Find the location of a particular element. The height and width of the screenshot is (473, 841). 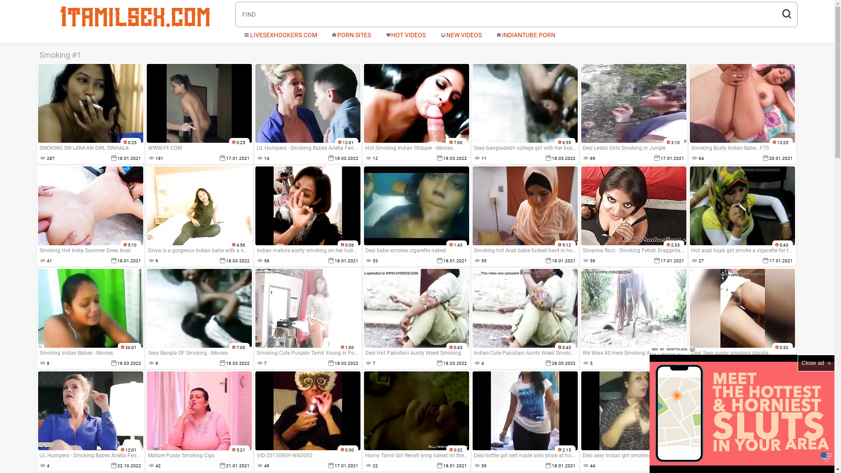

'0:30 is located at coordinates (254, 420).